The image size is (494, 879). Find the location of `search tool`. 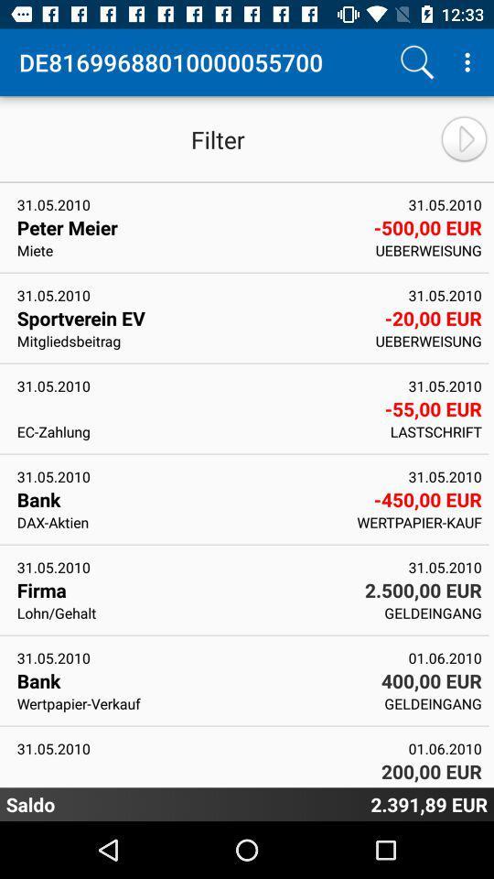

search tool is located at coordinates (416, 62).